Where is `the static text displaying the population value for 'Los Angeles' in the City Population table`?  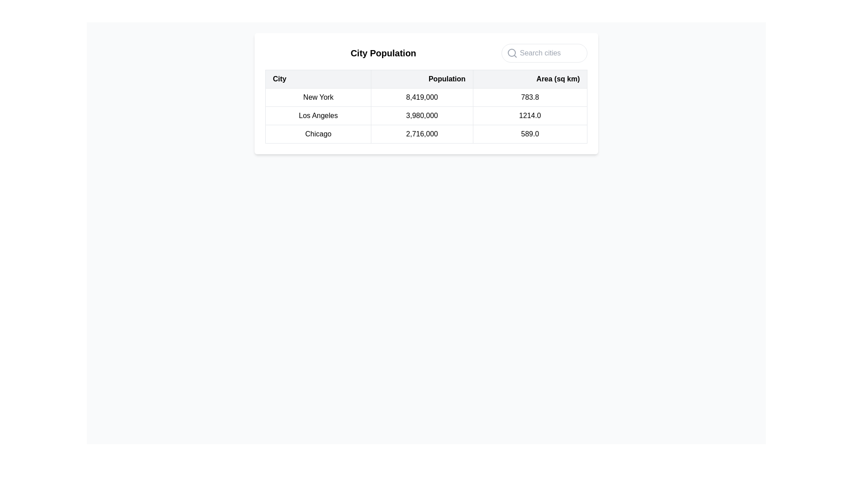
the static text displaying the population value for 'Los Angeles' in the City Population table is located at coordinates (421, 115).